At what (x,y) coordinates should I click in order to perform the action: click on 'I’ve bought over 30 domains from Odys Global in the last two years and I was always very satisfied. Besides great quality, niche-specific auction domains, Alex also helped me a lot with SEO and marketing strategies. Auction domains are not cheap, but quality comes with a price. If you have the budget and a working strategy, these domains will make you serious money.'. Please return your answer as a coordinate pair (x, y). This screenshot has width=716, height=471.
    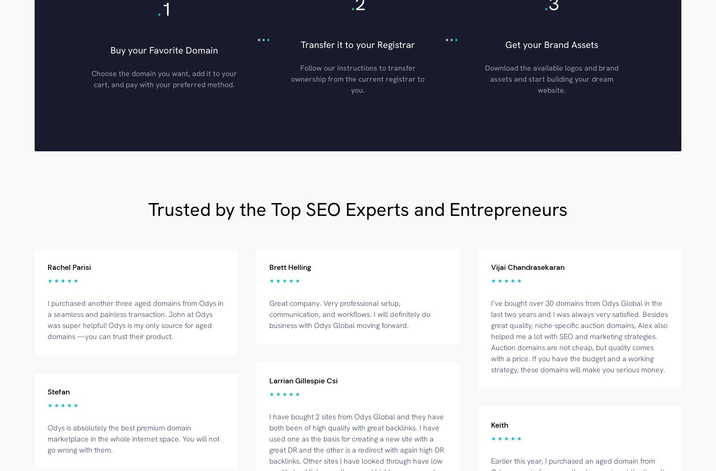
    Looking at the image, I should click on (491, 335).